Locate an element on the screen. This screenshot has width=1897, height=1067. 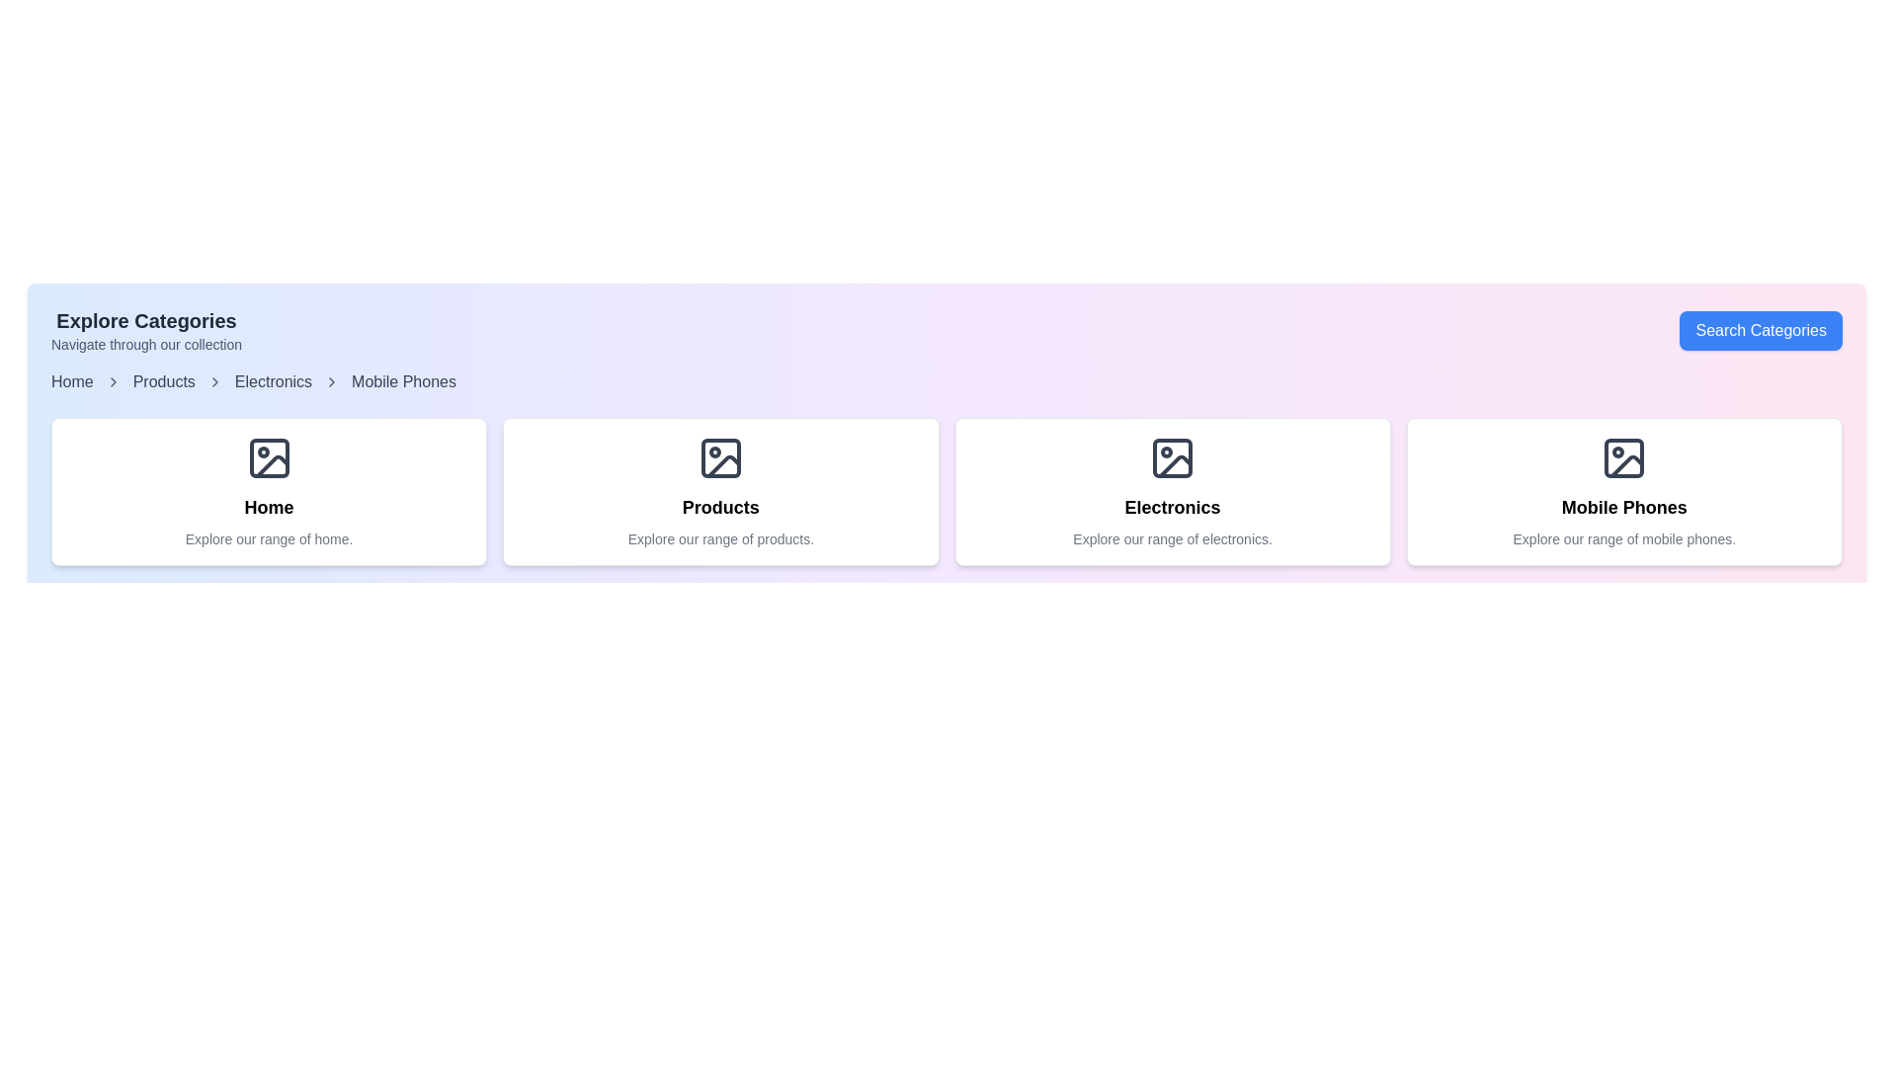
the 'Home' hyperlink in the breadcrumb navigation is located at coordinates (72, 381).